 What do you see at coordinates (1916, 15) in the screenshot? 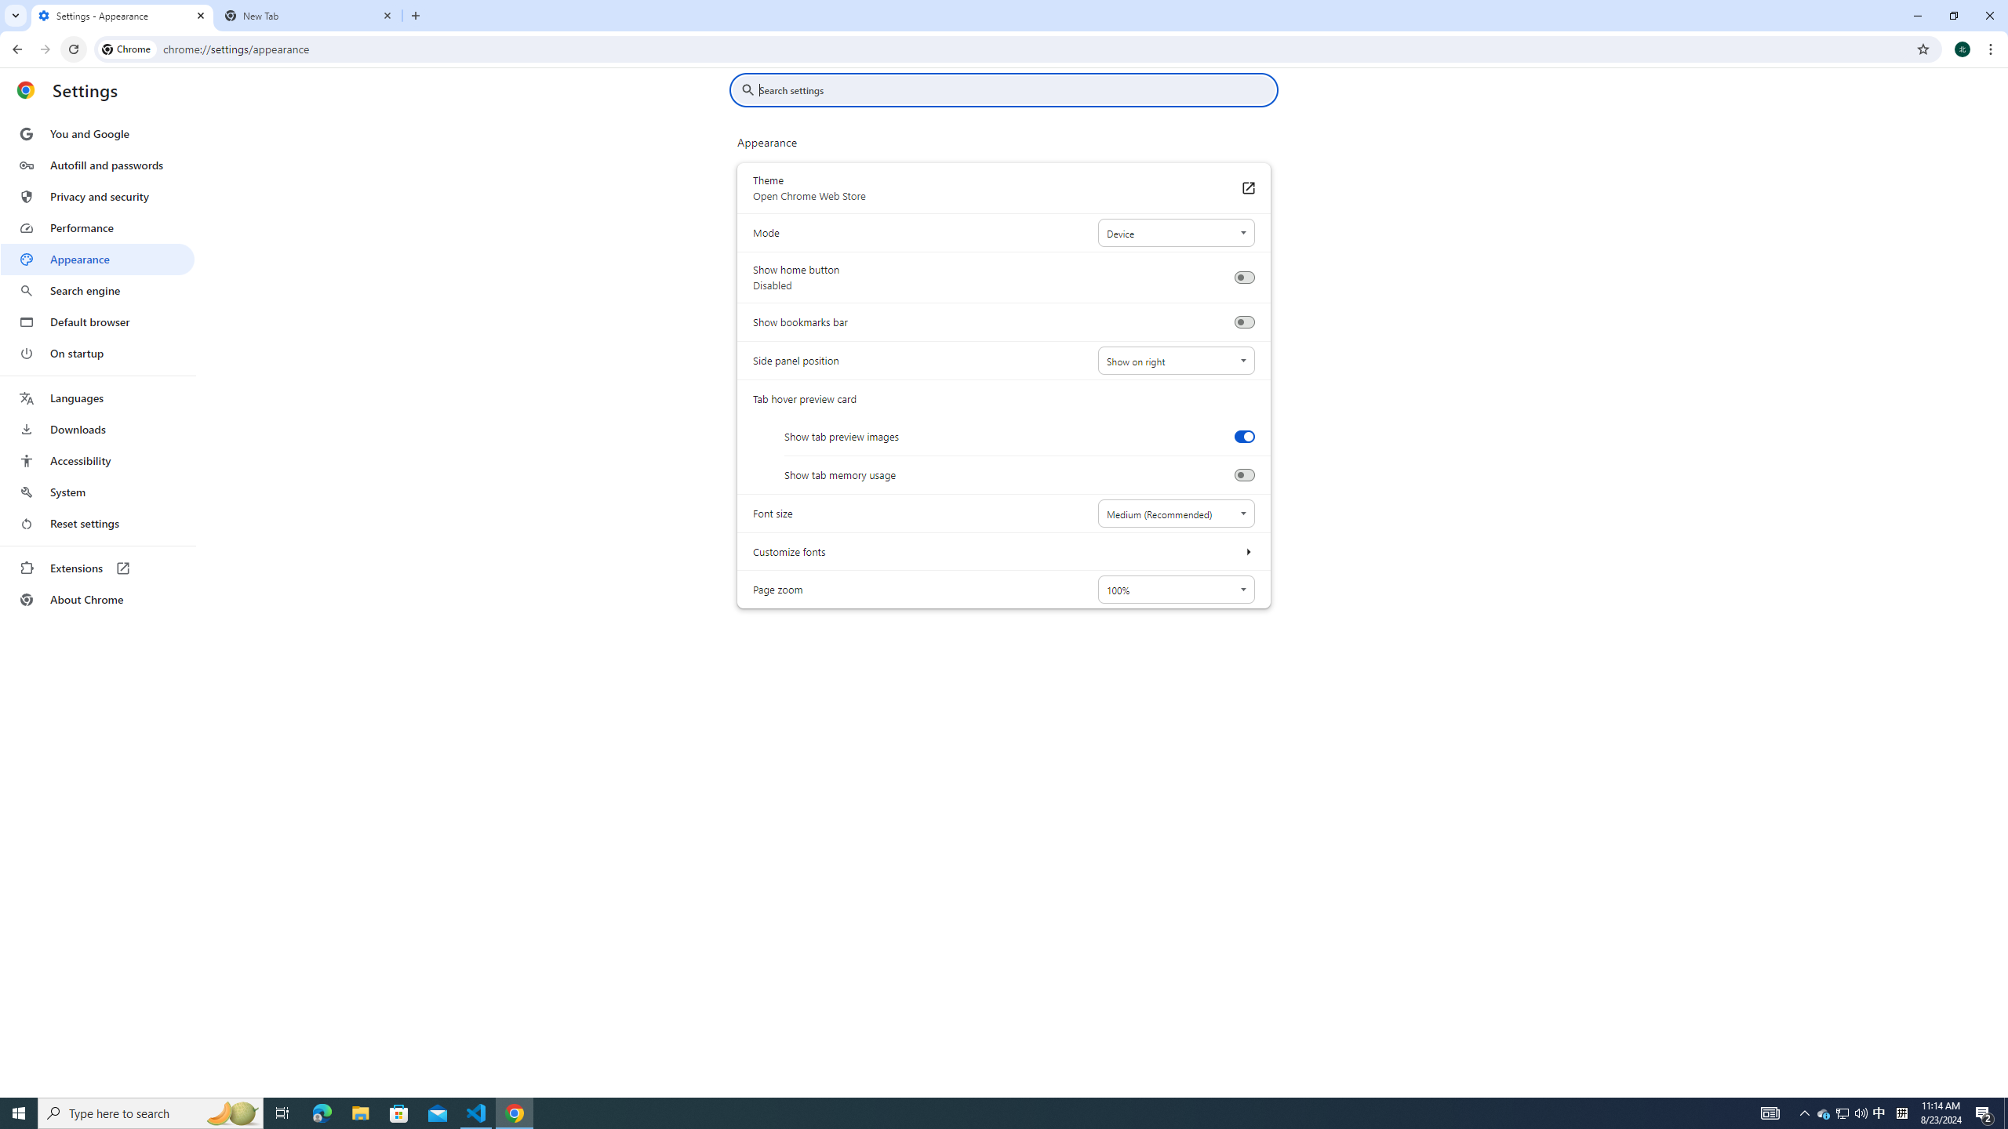
I see `'Minimize'` at bounding box center [1916, 15].